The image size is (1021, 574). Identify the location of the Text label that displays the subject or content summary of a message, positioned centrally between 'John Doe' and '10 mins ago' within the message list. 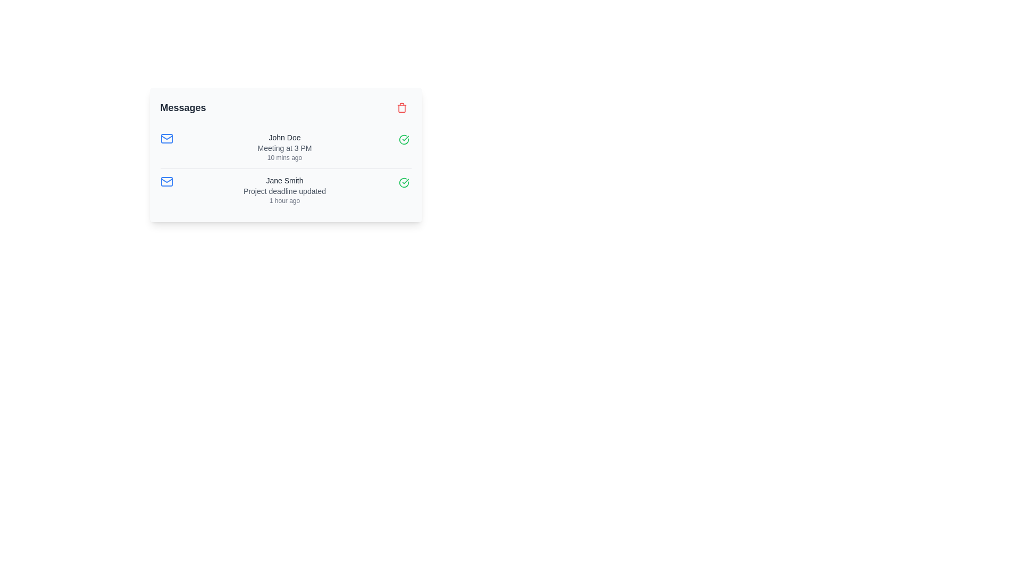
(284, 148).